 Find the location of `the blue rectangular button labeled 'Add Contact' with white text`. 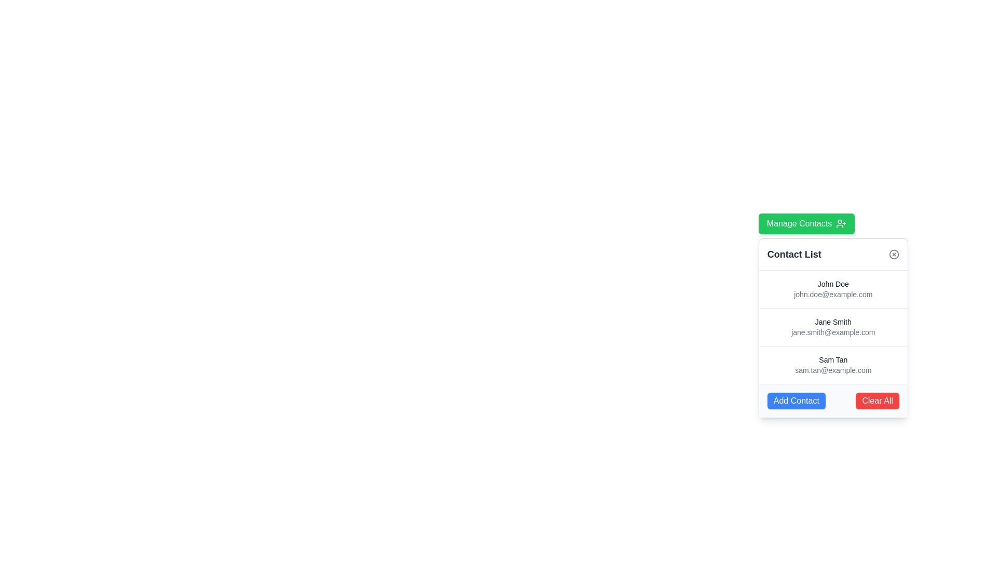

the blue rectangular button labeled 'Add Contact' with white text is located at coordinates (796, 400).